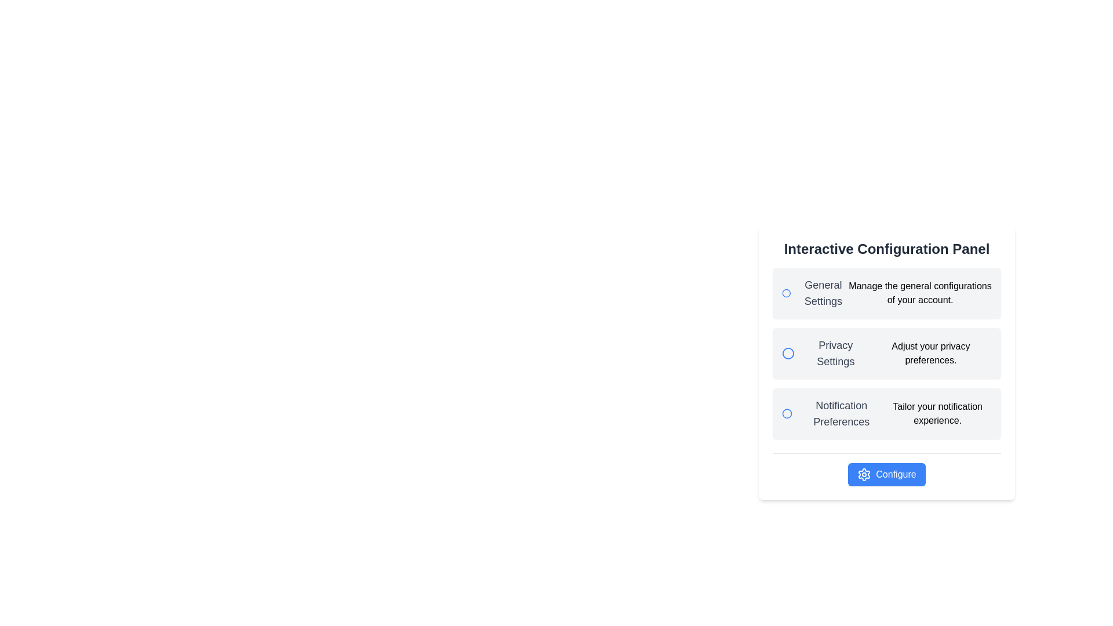  Describe the element at coordinates (823, 292) in the screenshot. I see `the 'General Settings' text element, which is displayed in grey as the title of the first option in the settings interface of the Interactive Configuration Panel` at that location.